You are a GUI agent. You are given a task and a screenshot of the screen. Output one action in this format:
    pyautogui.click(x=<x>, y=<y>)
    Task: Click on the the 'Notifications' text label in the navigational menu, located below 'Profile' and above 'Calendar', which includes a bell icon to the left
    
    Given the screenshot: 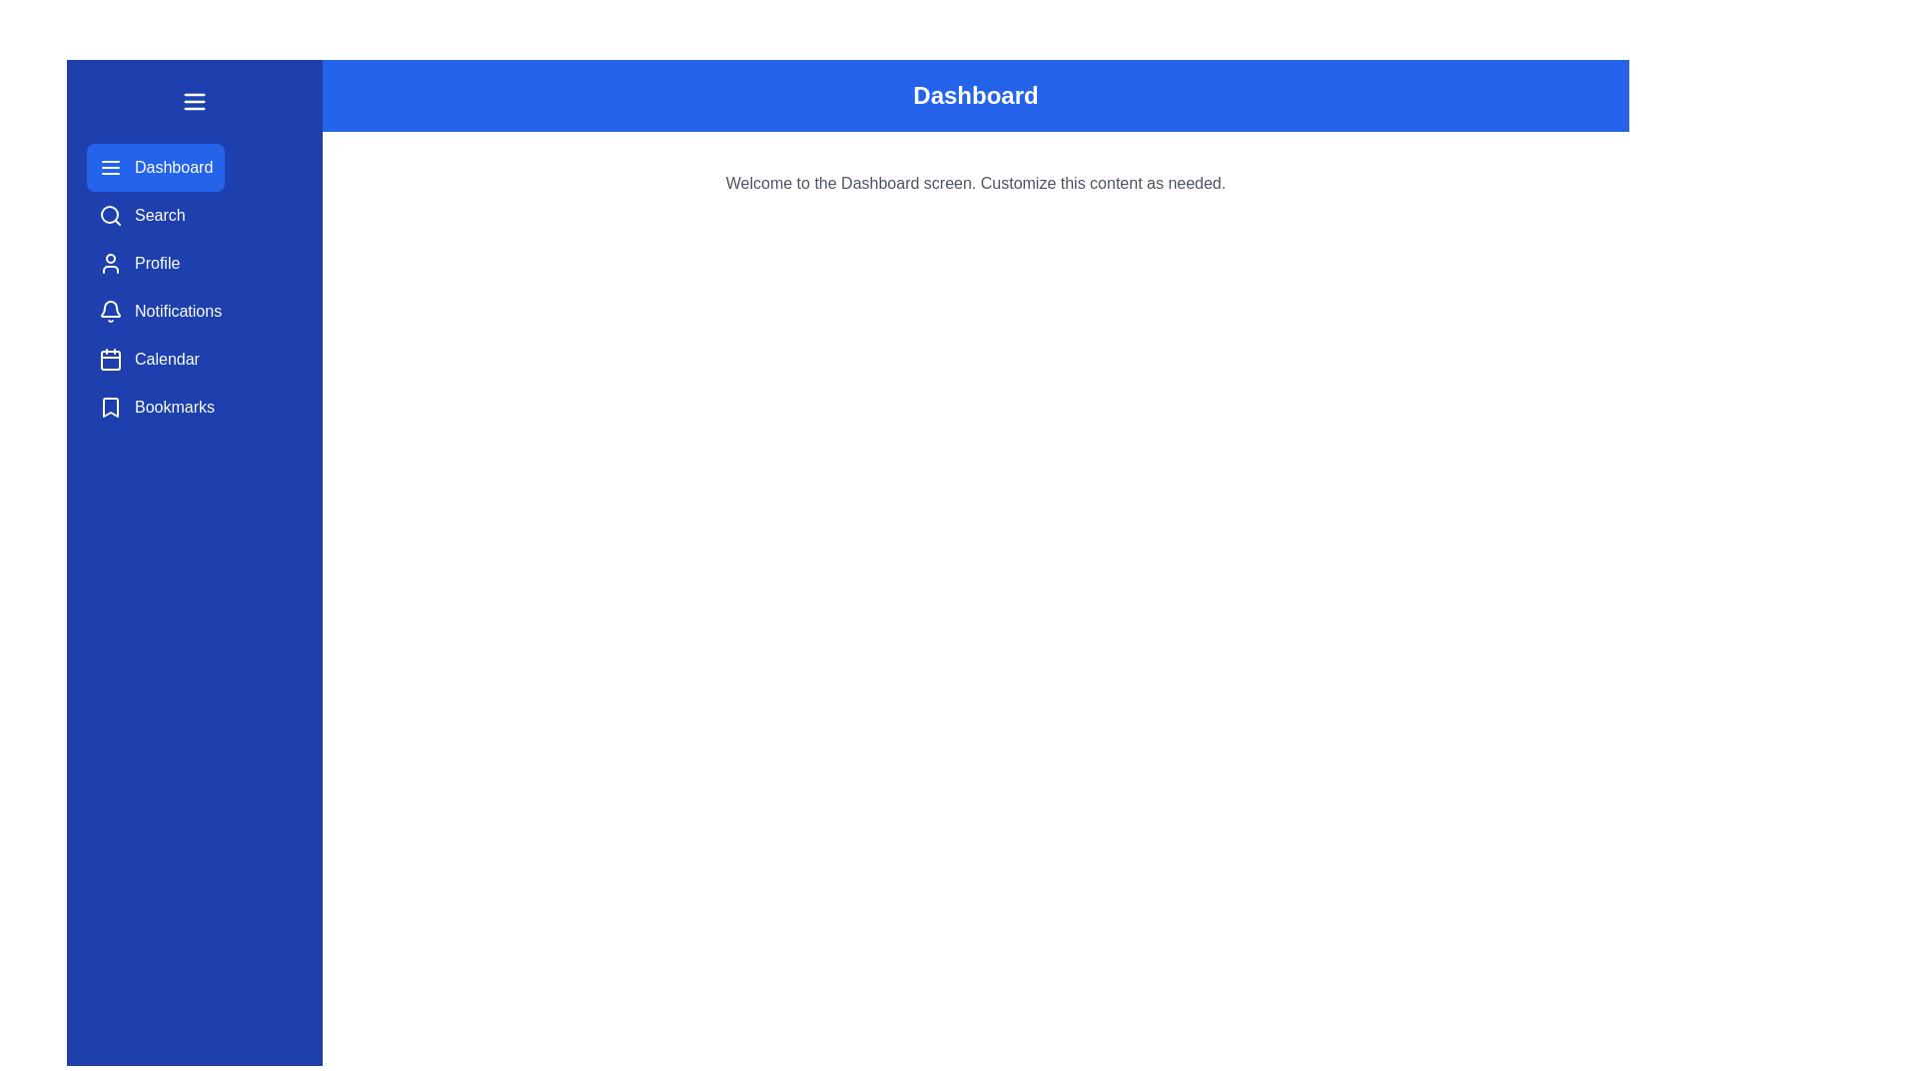 What is the action you would take?
    pyautogui.click(x=178, y=312)
    